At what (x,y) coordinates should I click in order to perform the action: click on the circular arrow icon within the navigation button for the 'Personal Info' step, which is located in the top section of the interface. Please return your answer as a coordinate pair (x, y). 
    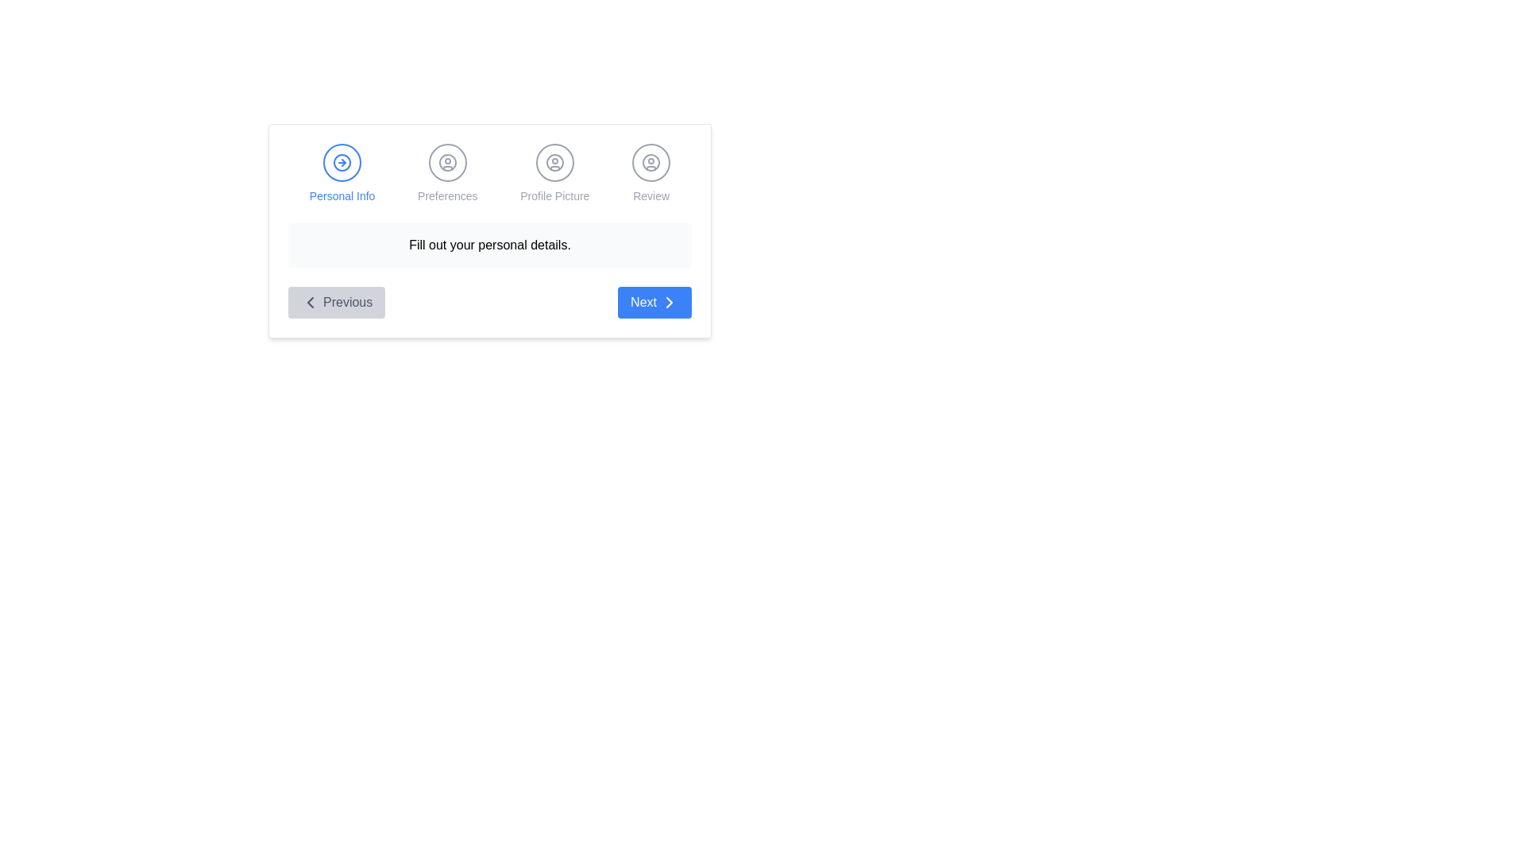
    Looking at the image, I should click on (342, 162).